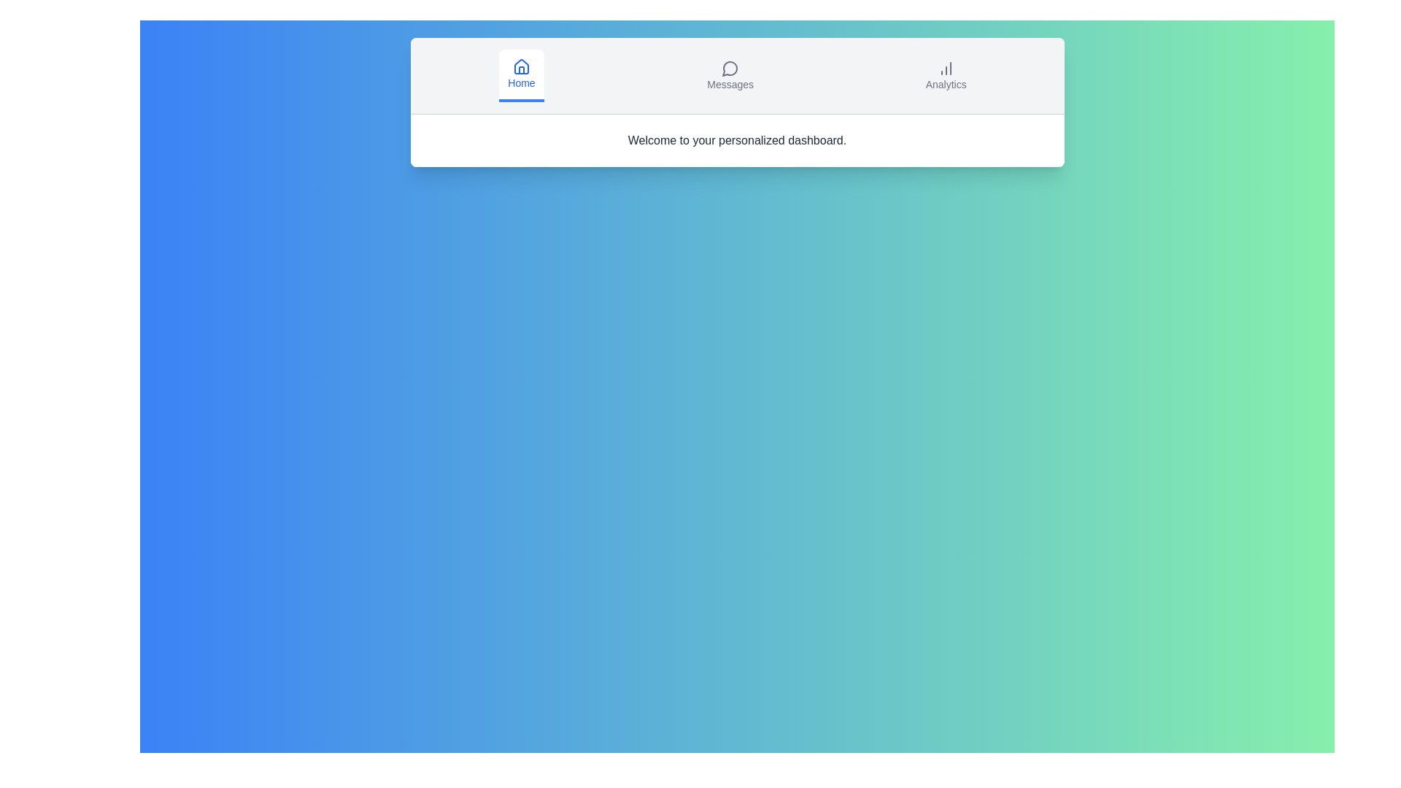 Image resolution: width=1401 pixels, height=788 pixels. What do you see at coordinates (521, 76) in the screenshot?
I see `the tab labeled Home` at bounding box center [521, 76].